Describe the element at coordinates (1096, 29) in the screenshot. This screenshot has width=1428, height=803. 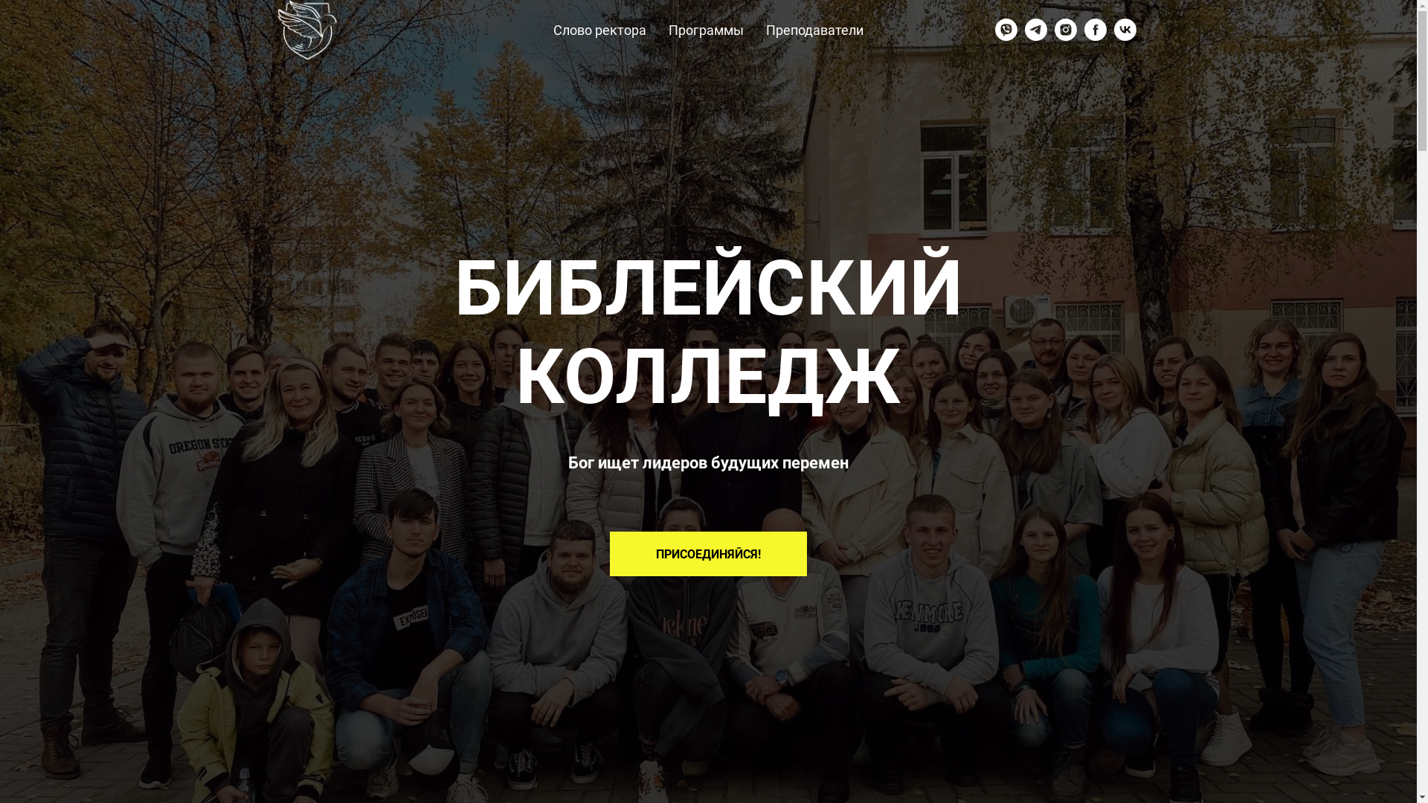
I see `'Facebook'` at that location.